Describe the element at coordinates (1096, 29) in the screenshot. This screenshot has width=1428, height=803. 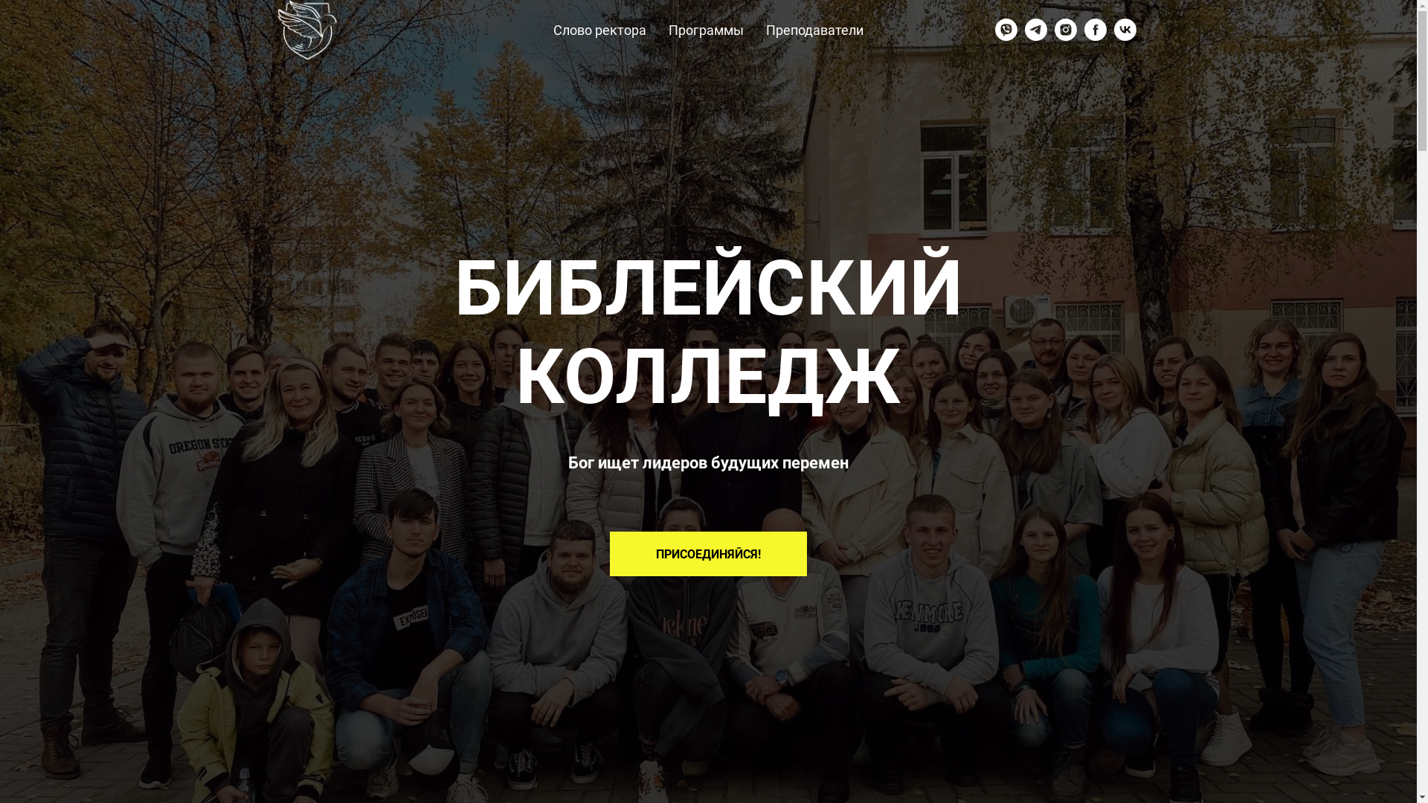
I see `'Facebook'` at that location.